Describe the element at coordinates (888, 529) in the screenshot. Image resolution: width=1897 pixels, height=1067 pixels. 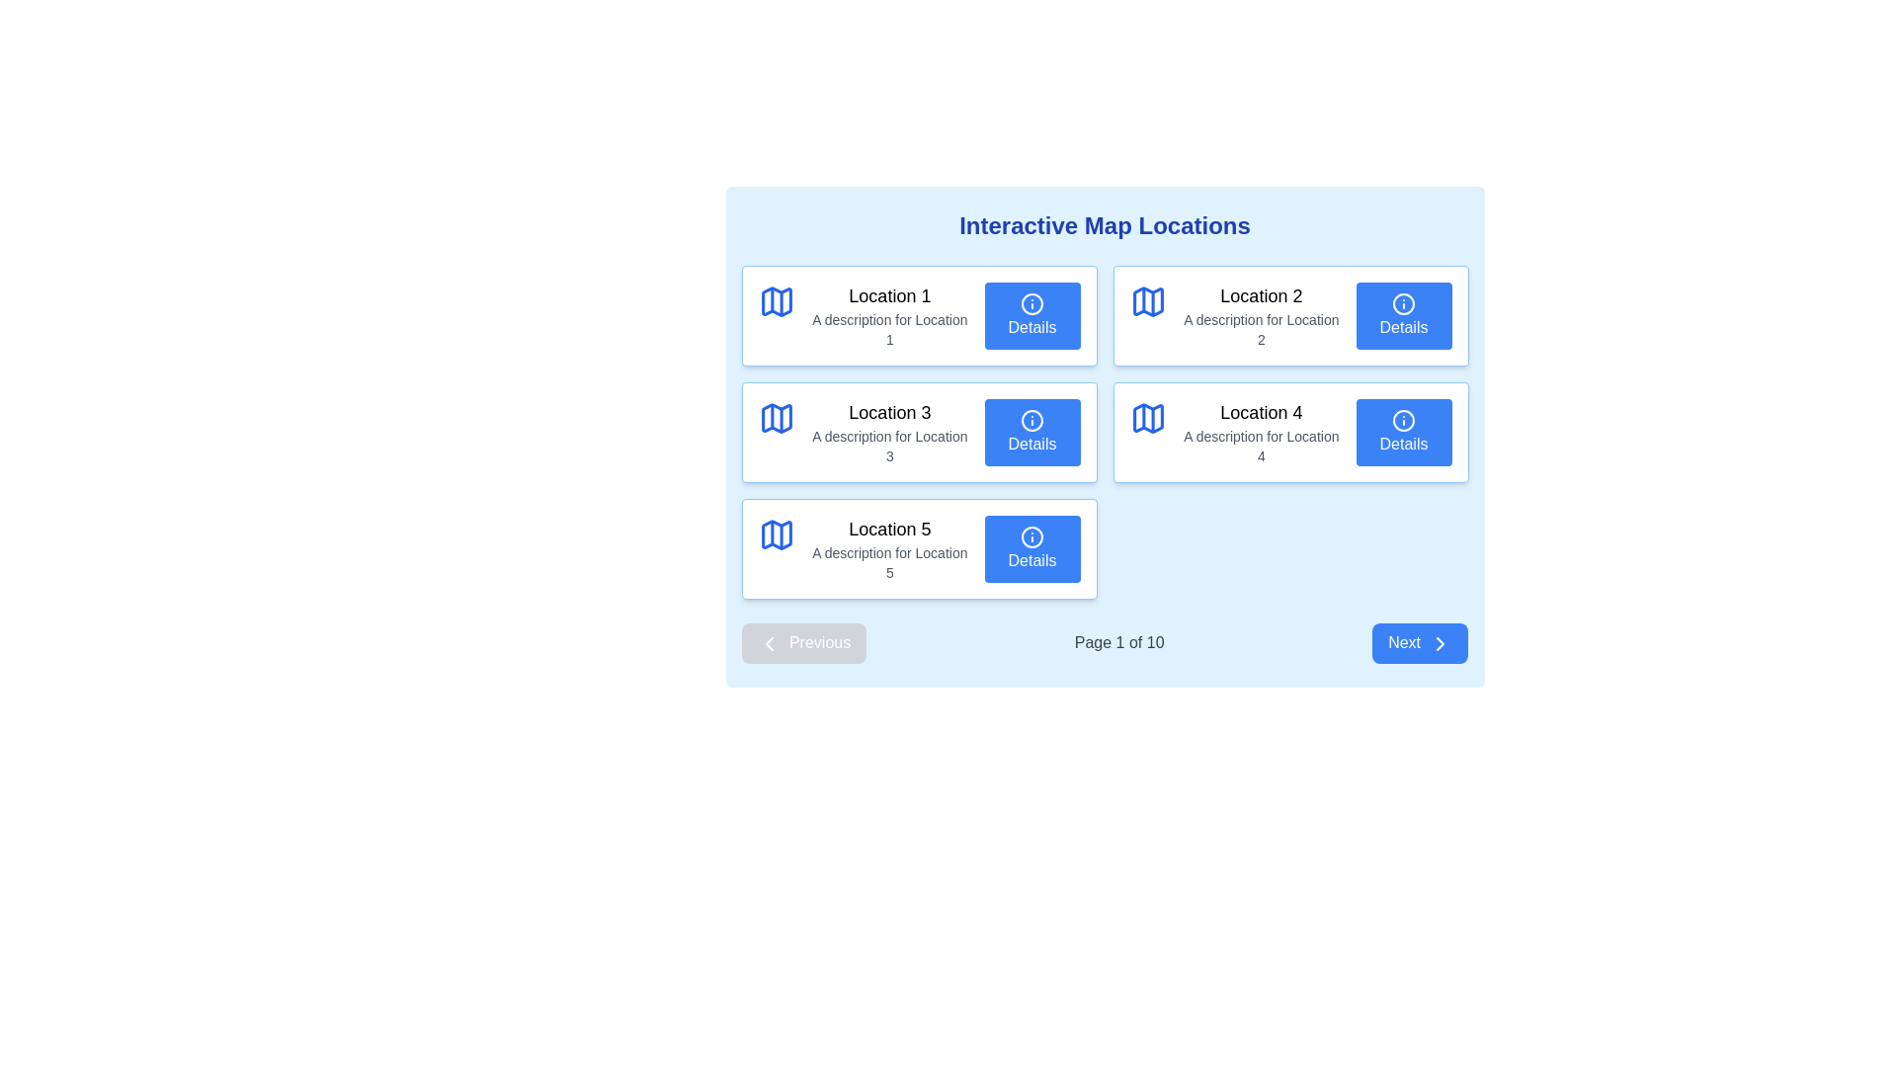
I see `the text label 'Location 5'` at that location.